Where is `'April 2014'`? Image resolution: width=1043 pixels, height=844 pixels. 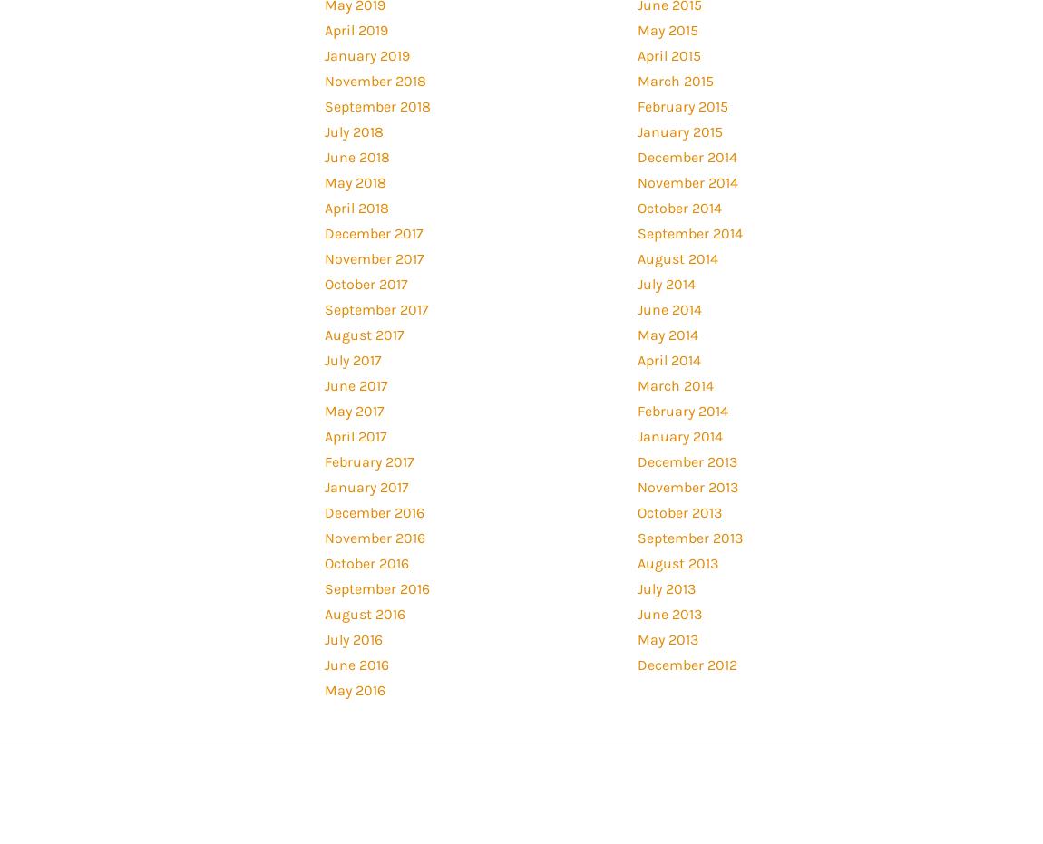
'April 2014' is located at coordinates (668, 359).